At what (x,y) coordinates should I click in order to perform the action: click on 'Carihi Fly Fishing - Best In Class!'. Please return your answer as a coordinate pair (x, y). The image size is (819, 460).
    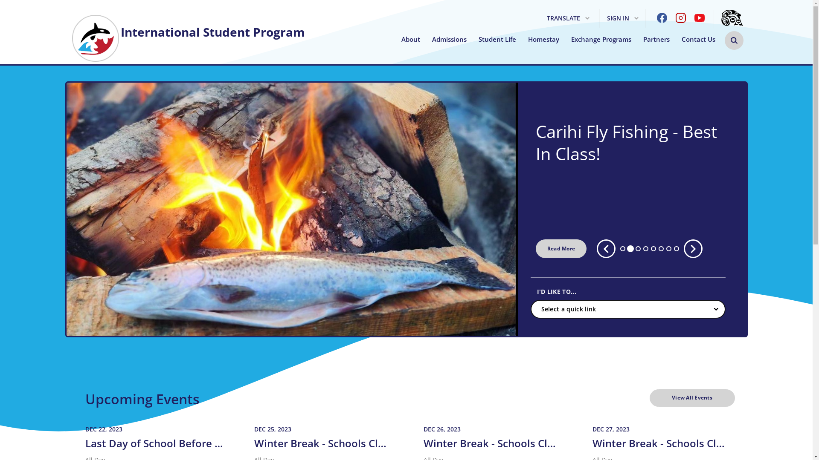
    Looking at the image, I should click on (633, 142).